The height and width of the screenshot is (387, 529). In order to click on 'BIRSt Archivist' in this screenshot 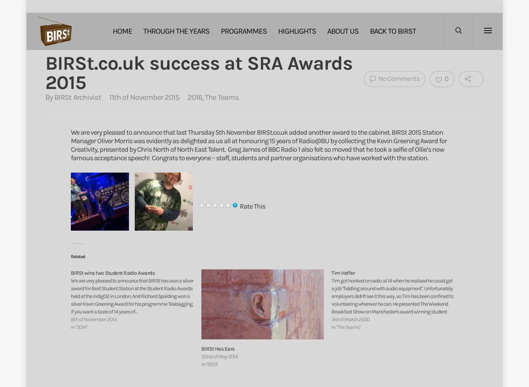, I will do `click(77, 97)`.